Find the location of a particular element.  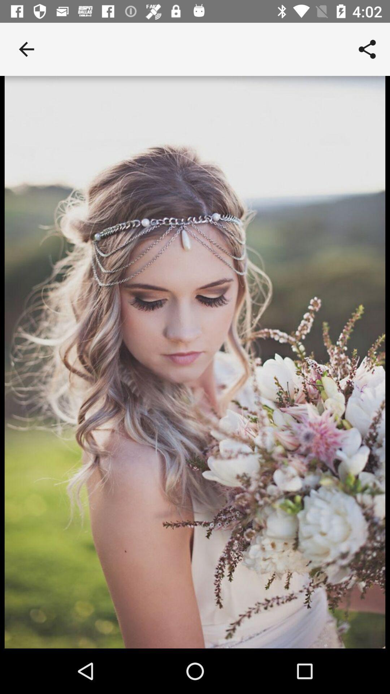

the item at the top right corner is located at coordinates (367, 49).